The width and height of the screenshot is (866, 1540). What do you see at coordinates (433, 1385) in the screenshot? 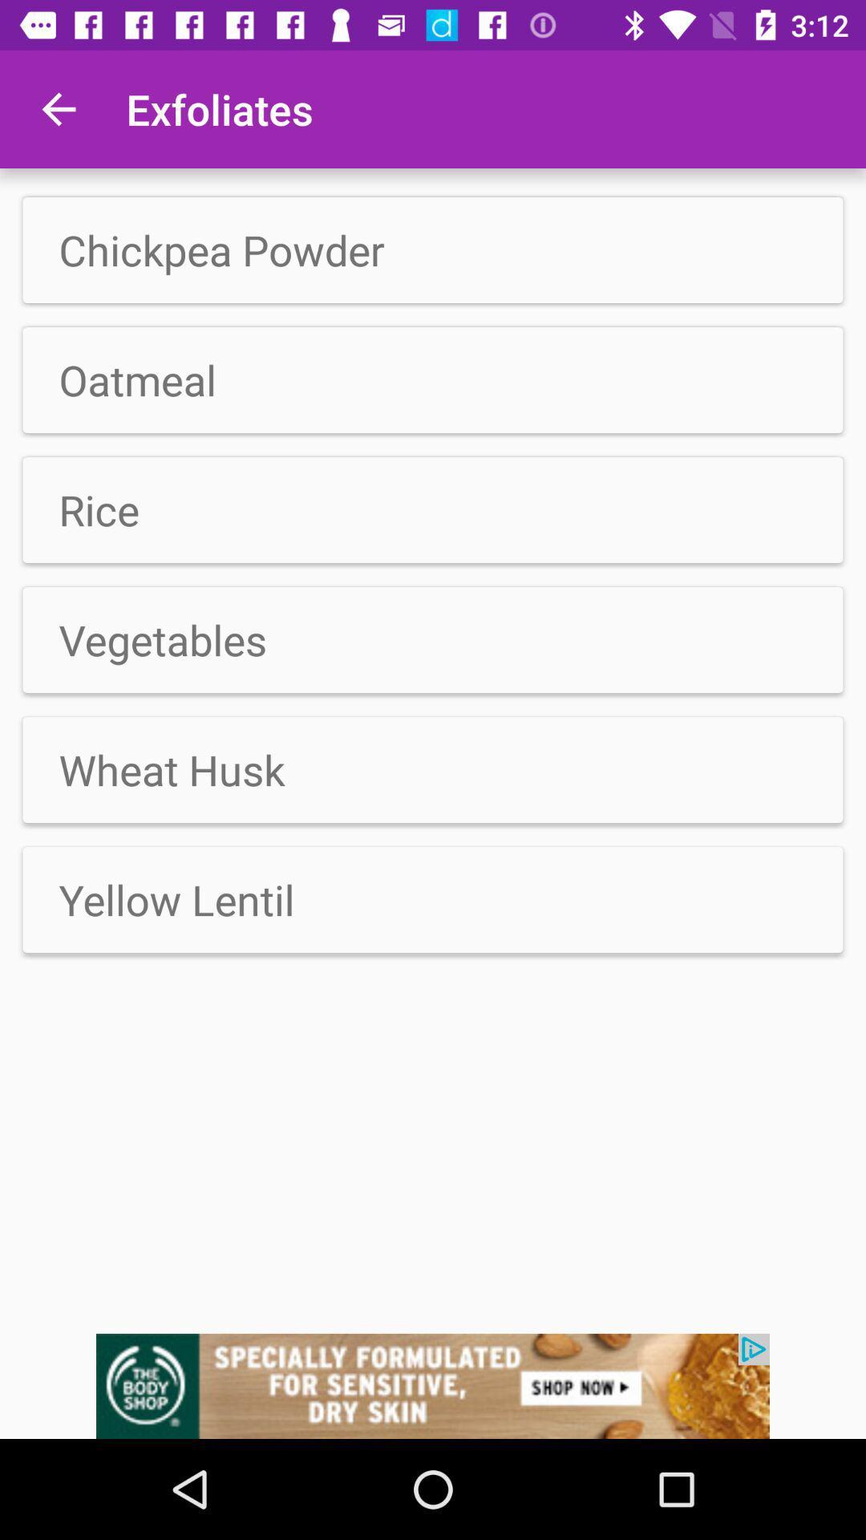
I see `advertisement page` at bounding box center [433, 1385].